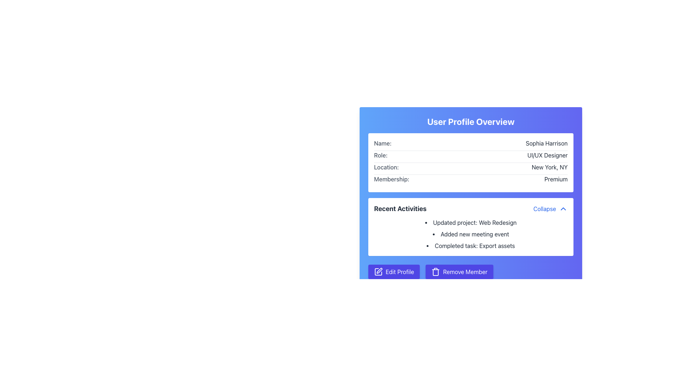 This screenshot has height=391, width=696. What do you see at coordinates (550, 167) in the screenshot?
I see `the static text display showing 'New York, NY', which is part of the user profile interface and located to the right of the label 'Location:'` at bounding box center [550, 167].